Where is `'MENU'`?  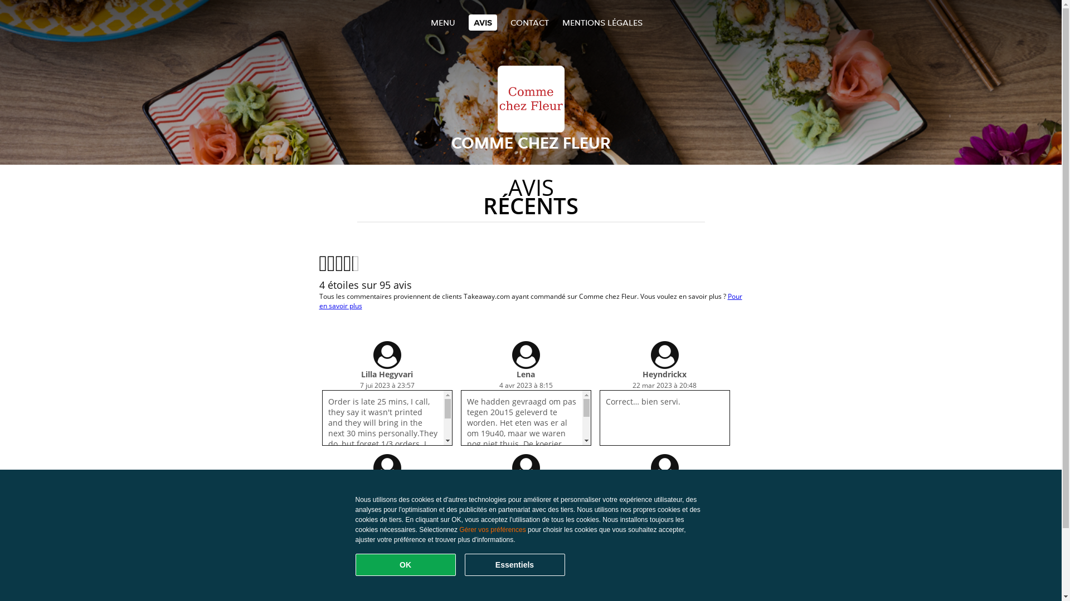 'MENU' is located at coordinates (441, 22).